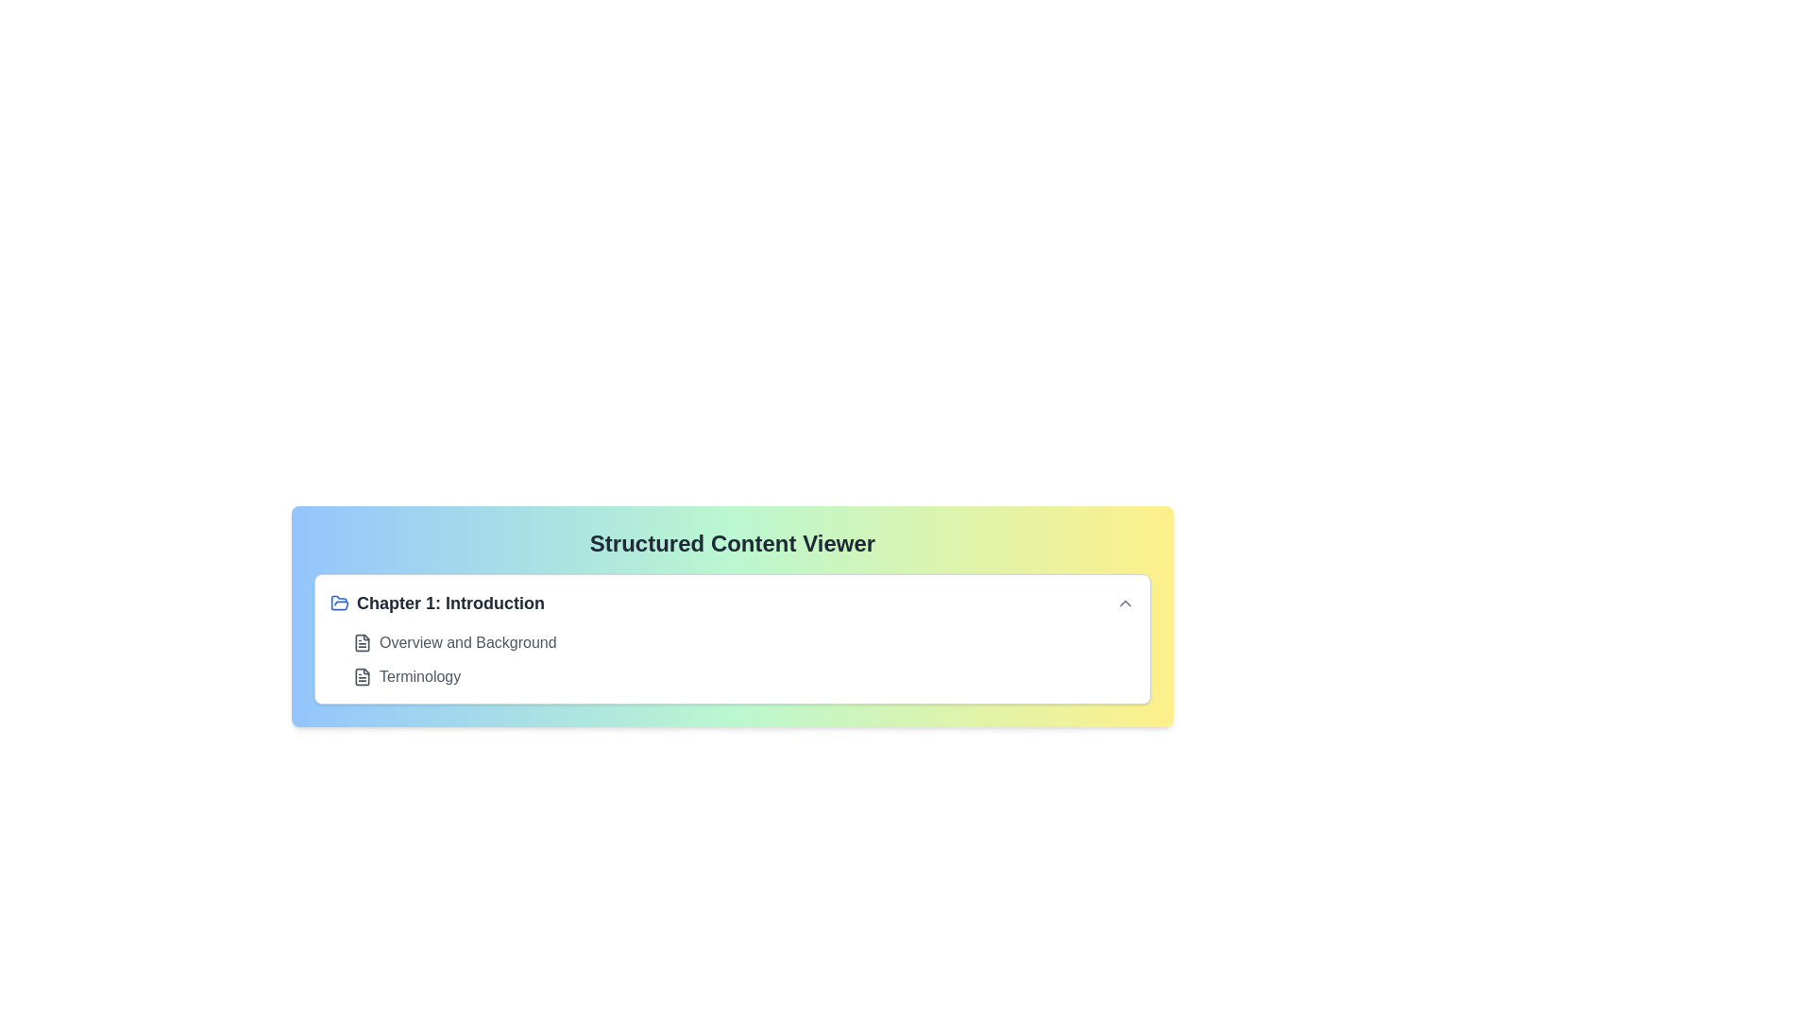  Describe the element at coordinates (340, 603) in the screenshot. I see `the blue open folder icon located in the 'Structured Content Viewer' interface, positioned at the top-left corner of 'Chapter 1: Introduction.'` at that location.